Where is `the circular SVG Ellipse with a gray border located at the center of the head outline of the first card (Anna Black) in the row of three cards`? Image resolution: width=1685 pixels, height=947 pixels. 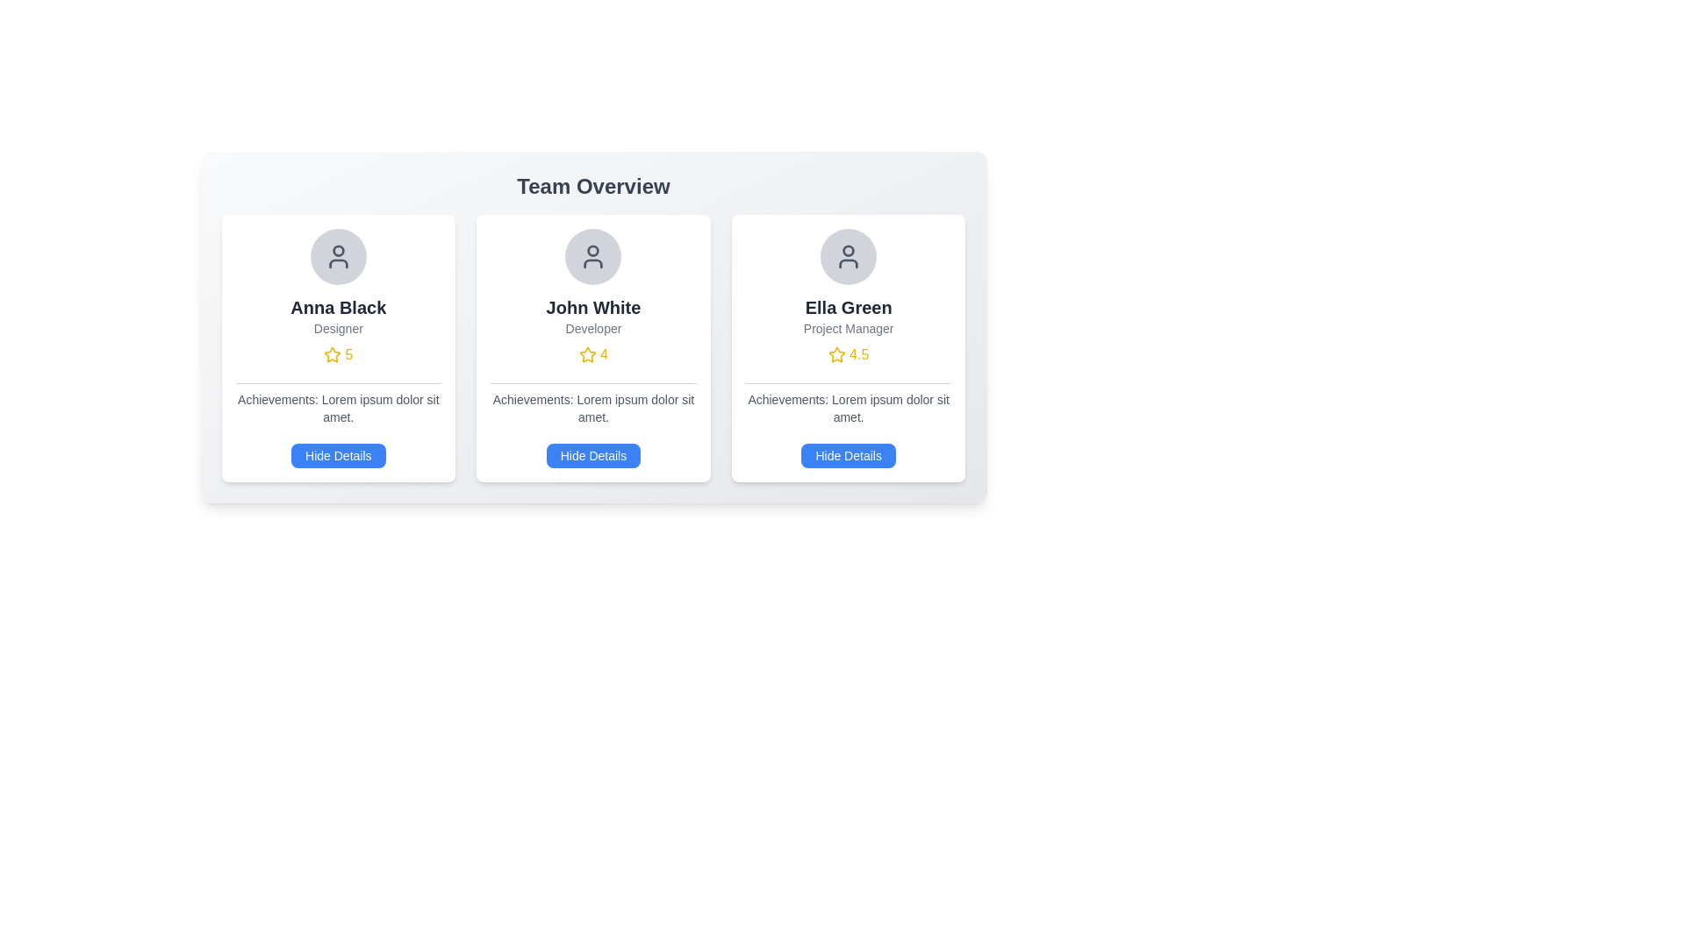 the circular SVG Ellipse with a gray border located at the center of the head outline of the first card (Anna Black) in the row of three cards is located at coordinates (338, 251).